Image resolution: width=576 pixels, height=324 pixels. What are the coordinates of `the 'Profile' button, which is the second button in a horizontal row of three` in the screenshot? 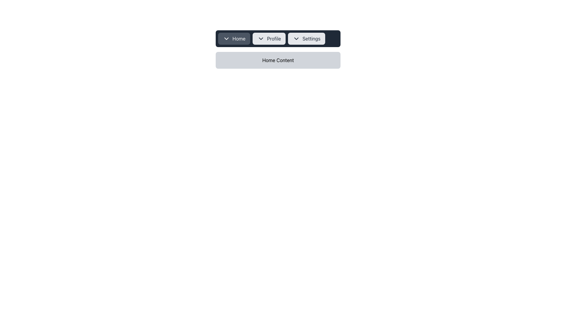 It's located at (269, 38).